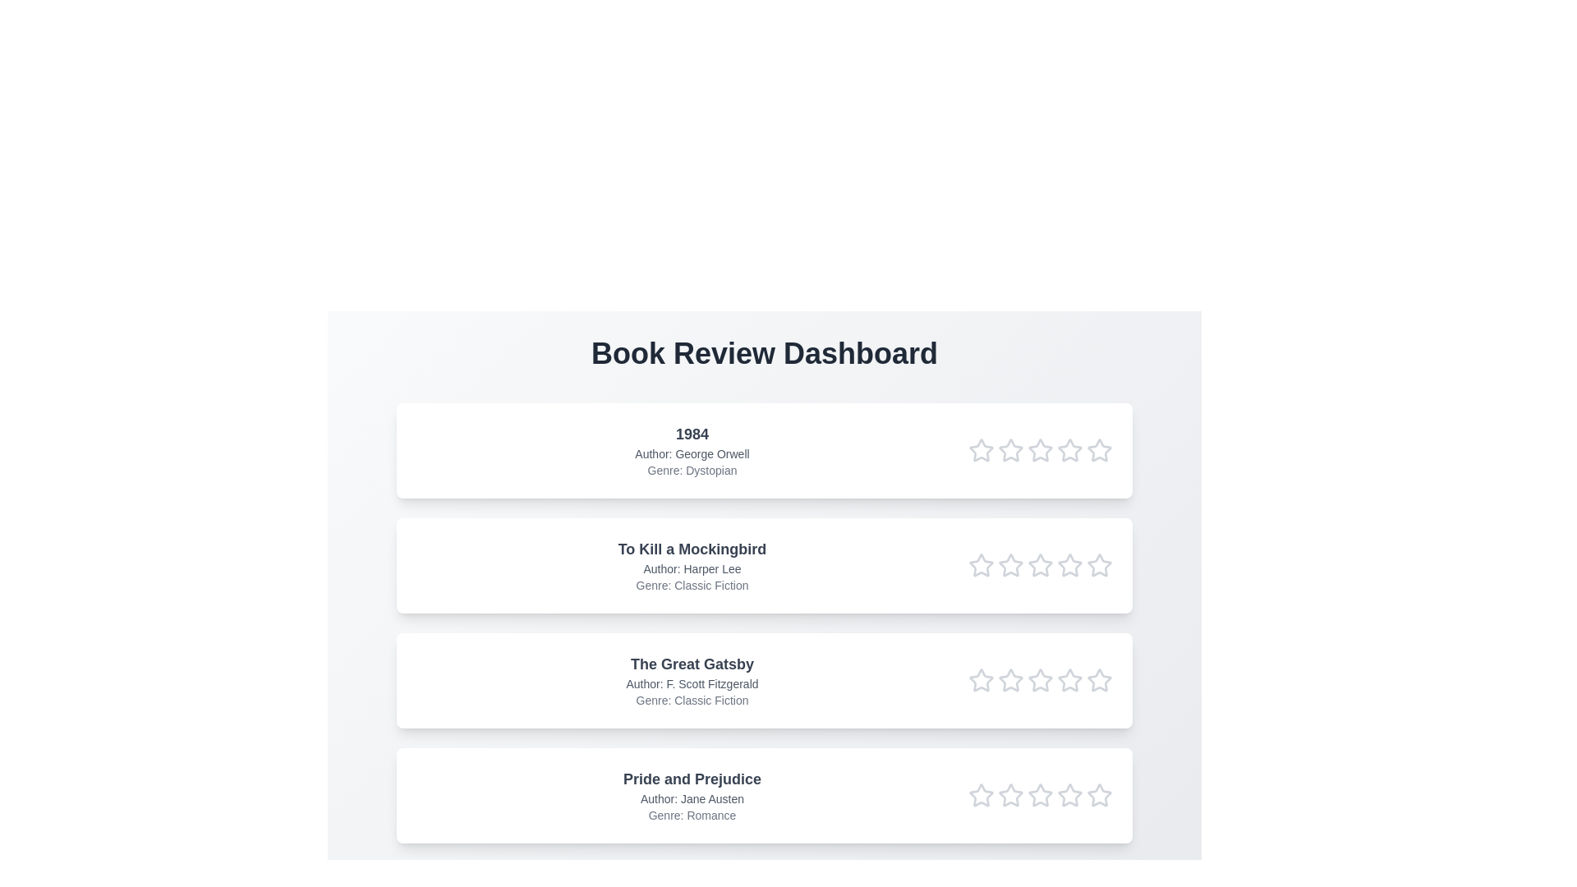 The height and width of the screenshot is (887, 1577). What do you see at coordinates (982, 681) in the screenshot?
I see `the rating of the book 'The Great Gatsby' to 1 stars by clicking on the respective star` at bounding box center [982, 681].